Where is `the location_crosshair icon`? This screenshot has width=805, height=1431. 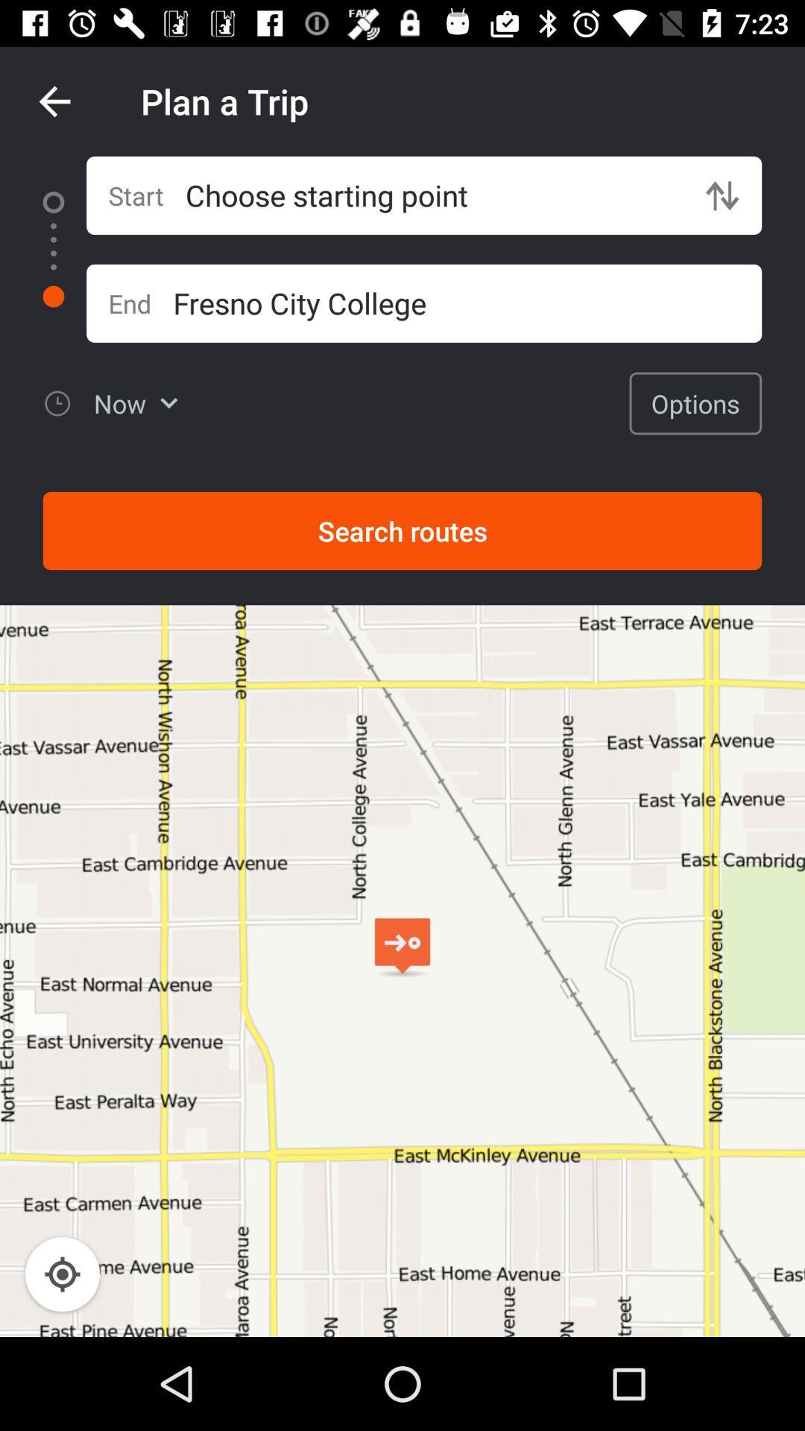
the location_crosshair icon is located at coordinates (62, 1273).